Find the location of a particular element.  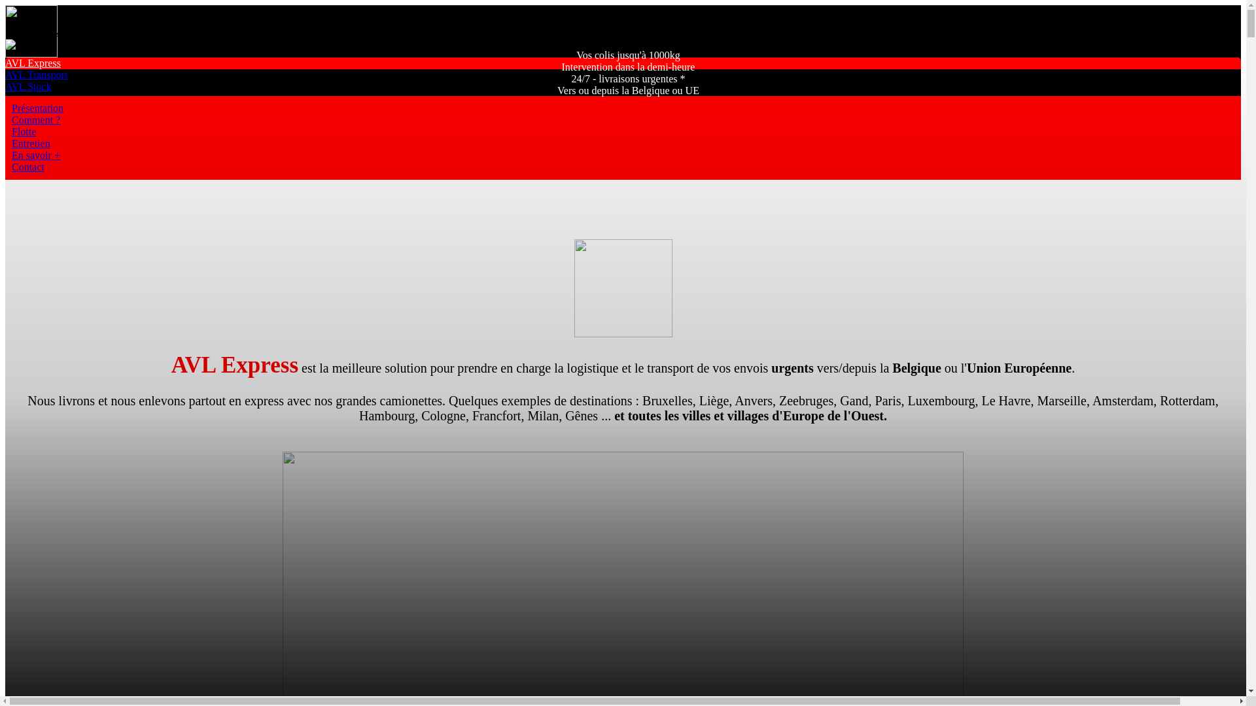

'AVL Express' is located at coordinates (33, 63).